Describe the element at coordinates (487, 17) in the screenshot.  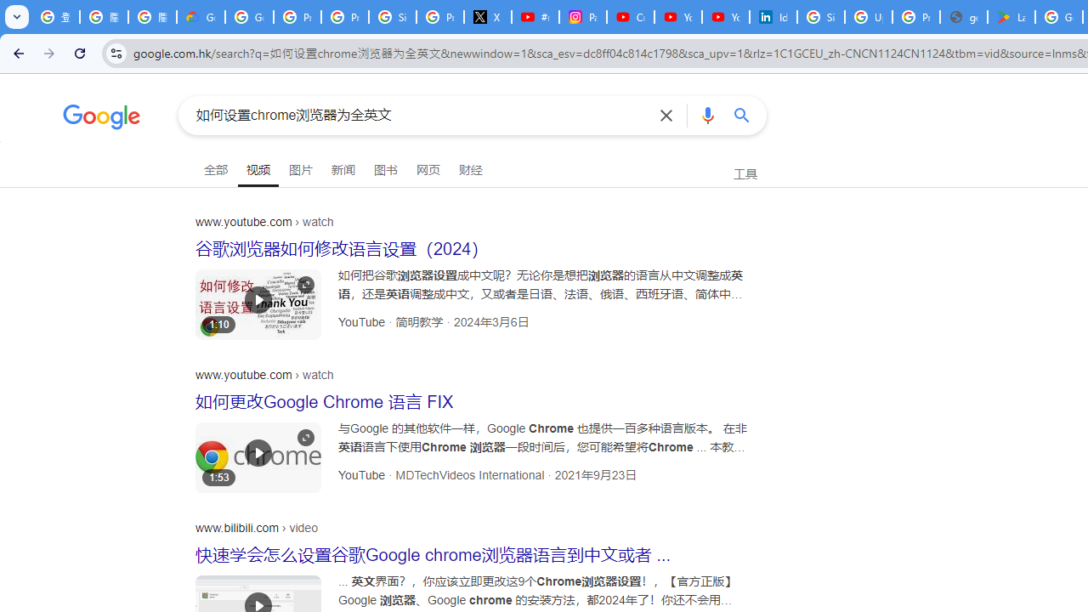
I see `'X'` at that location.